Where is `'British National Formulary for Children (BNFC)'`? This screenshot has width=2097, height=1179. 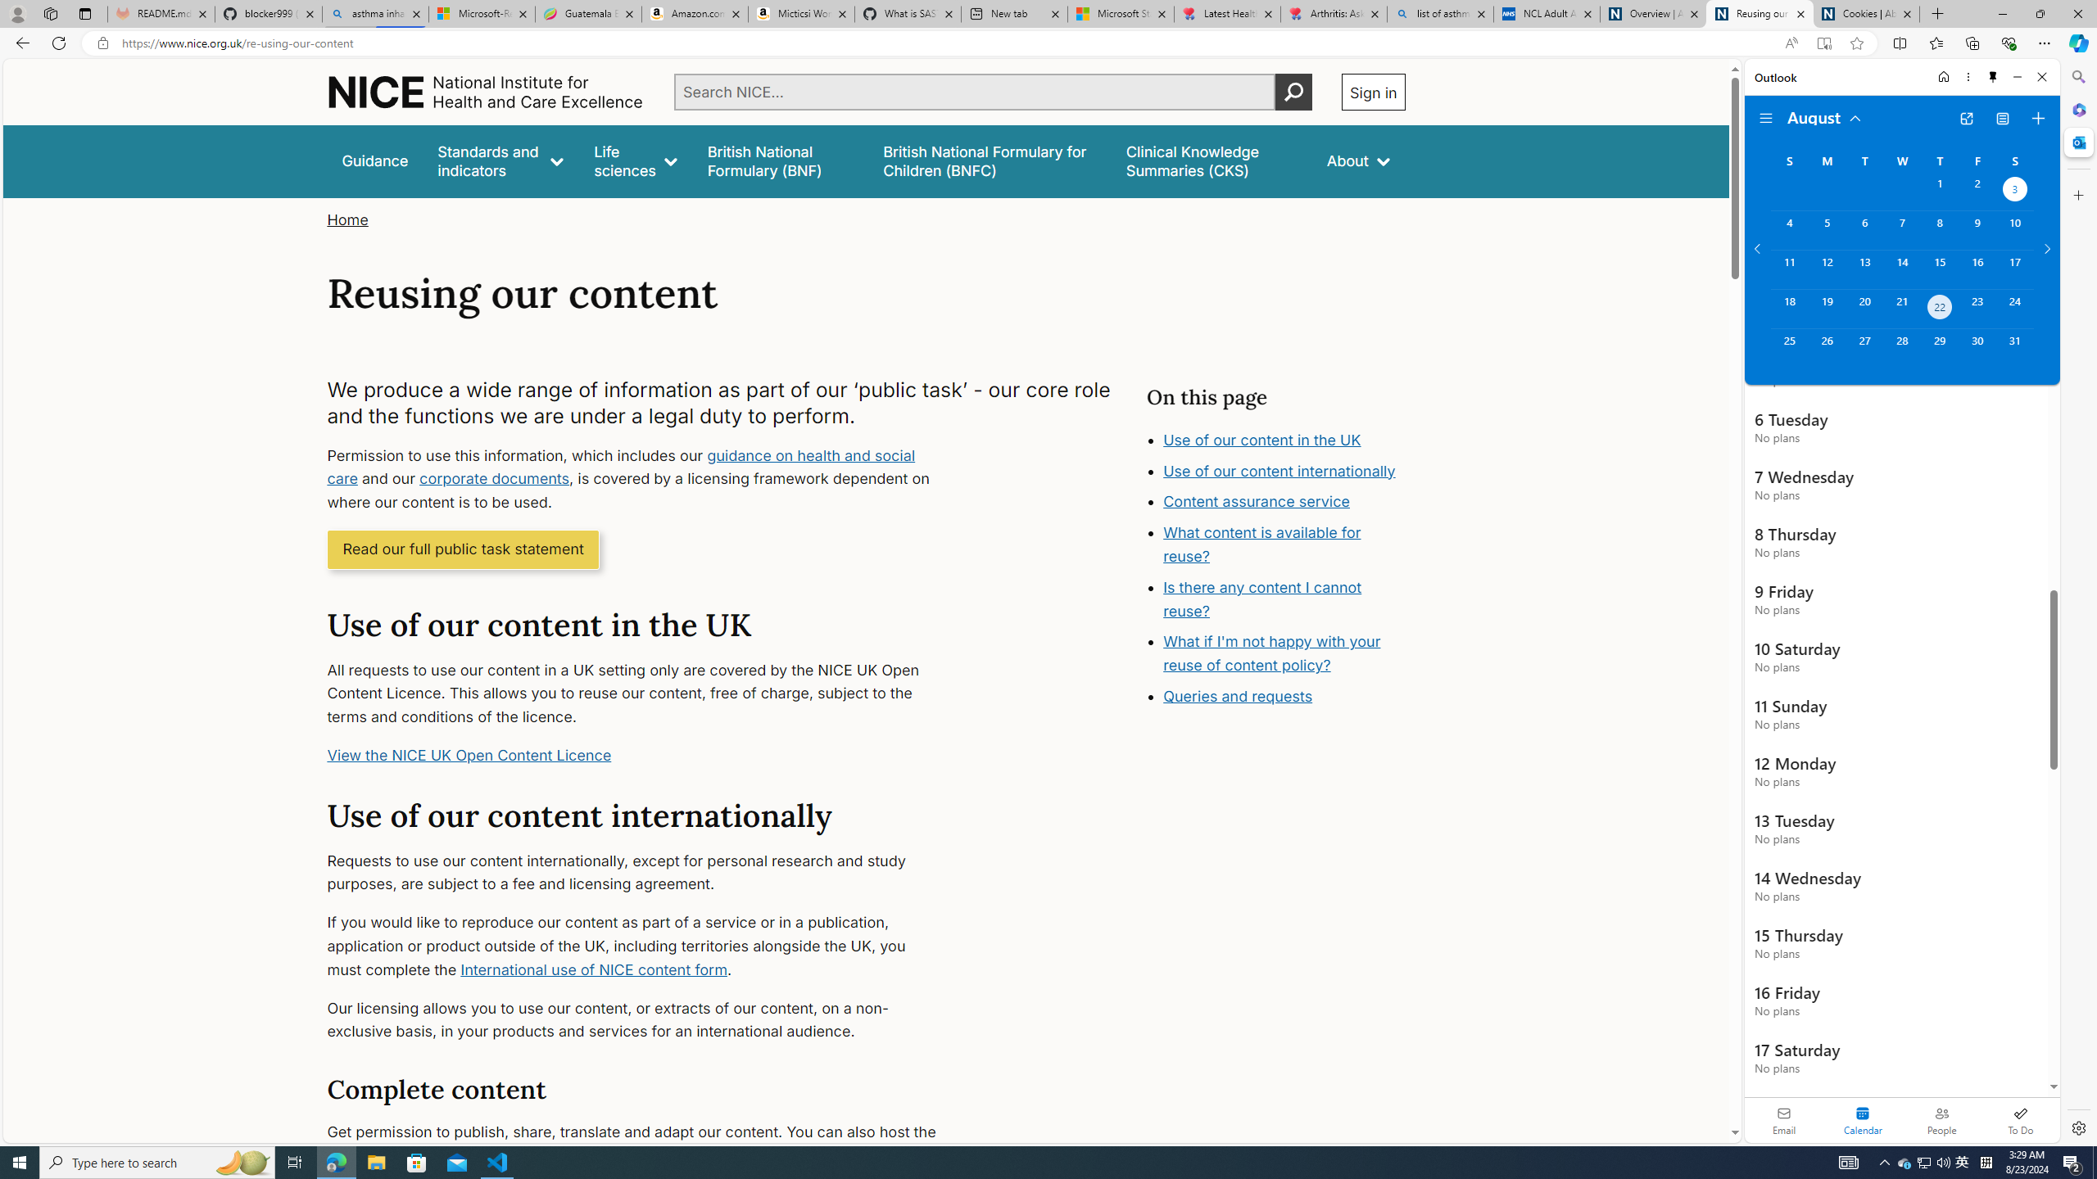
'British National Formulary for Children (BNFC)' is located at coordinates (989, 160).